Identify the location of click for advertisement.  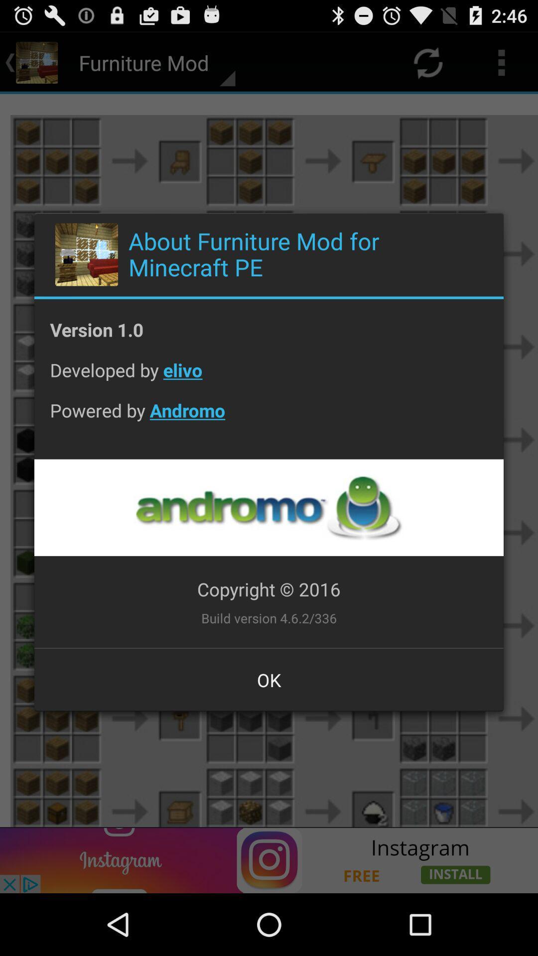
(268, 507).